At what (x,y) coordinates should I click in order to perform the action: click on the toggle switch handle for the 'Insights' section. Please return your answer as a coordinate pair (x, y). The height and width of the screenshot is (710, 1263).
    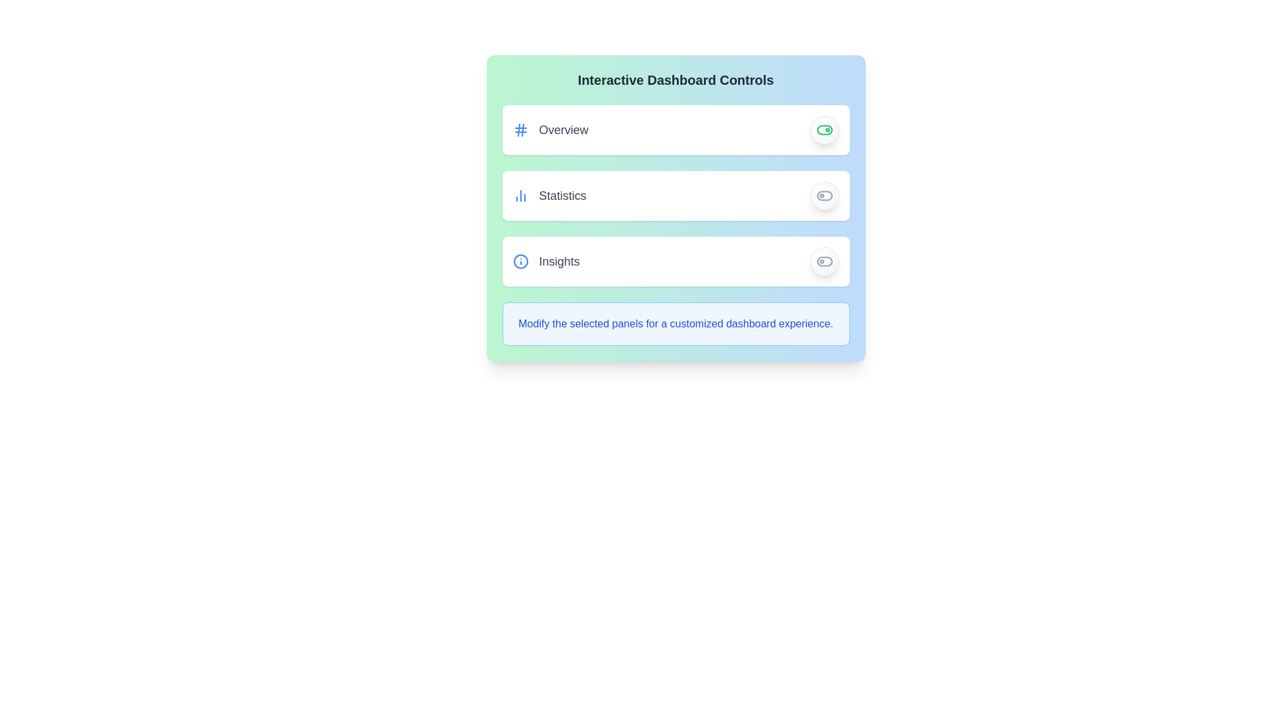
    Looking at the image, I should click on (824, 261).